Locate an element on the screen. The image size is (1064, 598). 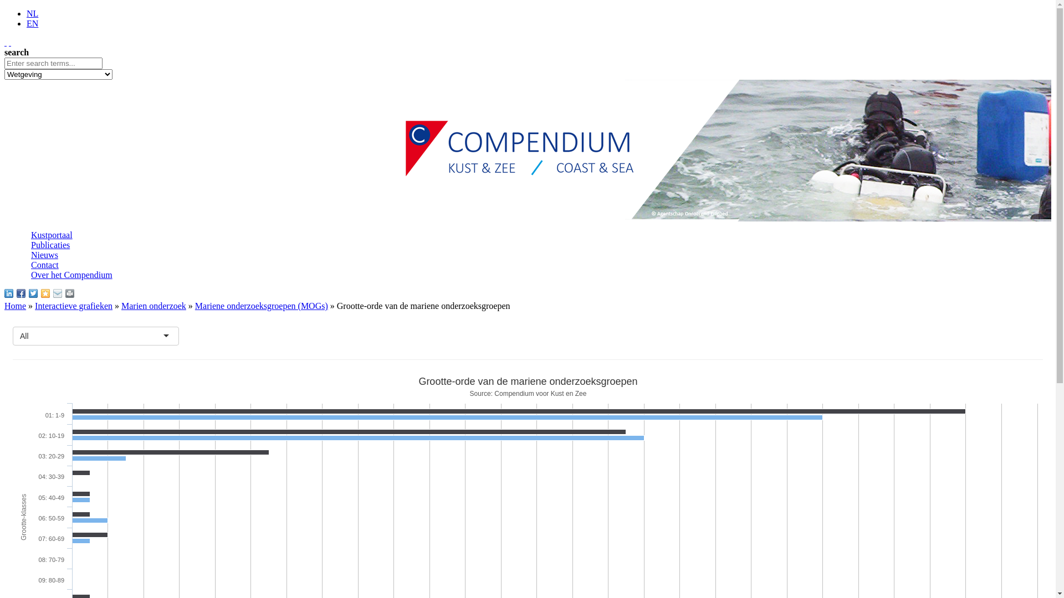
'Save to Browser Favorites' is located at coordinates (44, 292).